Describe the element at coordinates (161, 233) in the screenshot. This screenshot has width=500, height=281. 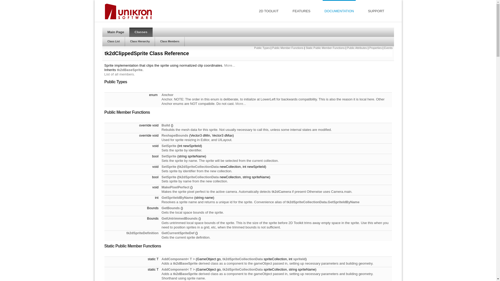
I see `'GetCurrentSpriteDef'` at that location.